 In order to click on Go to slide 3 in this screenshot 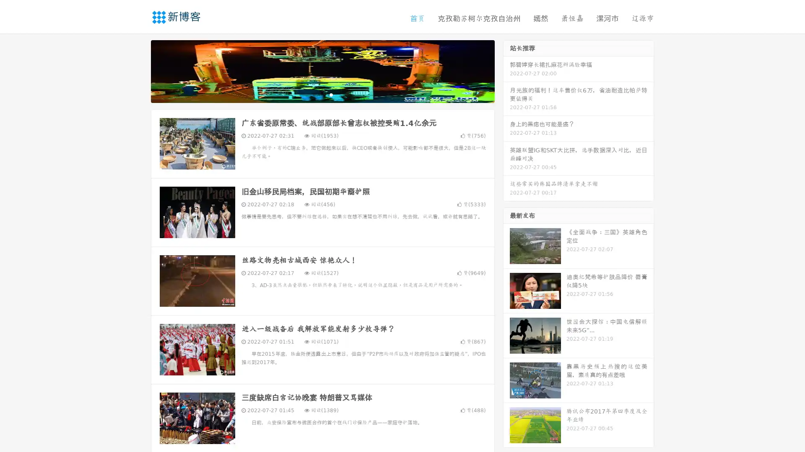, I will do `click(331, 94)`.